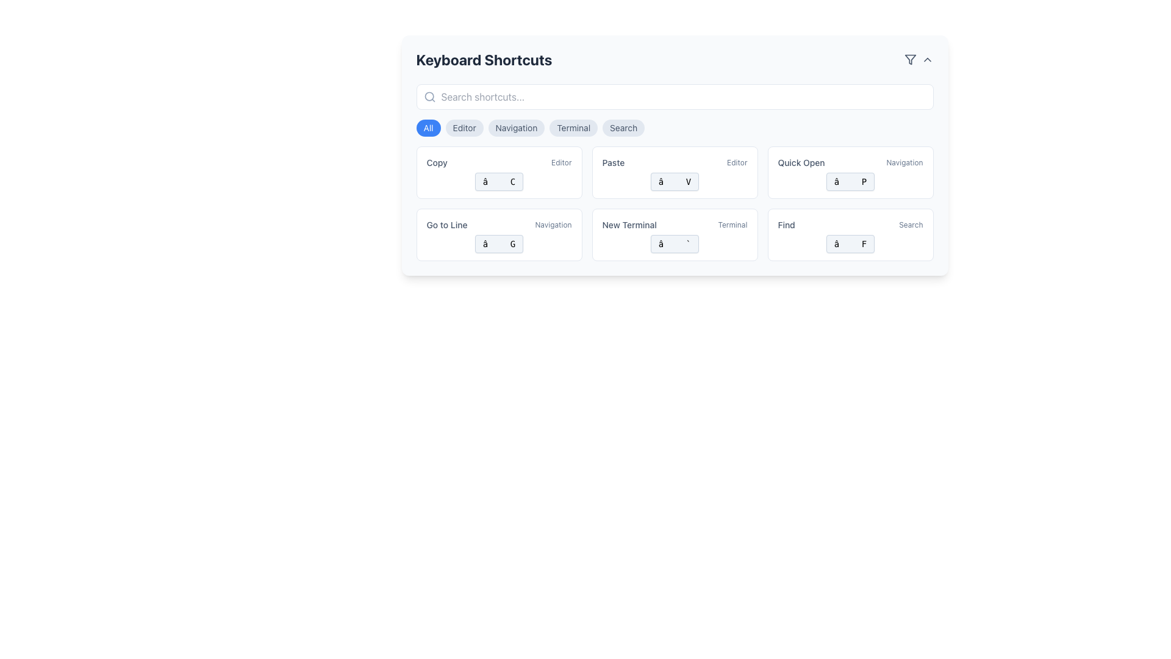  What do you see at coordinates (613, 162) in the screenshot?
I see `the descriptive text label indicating the functionality of an associated keyboard shortcut in the 'Keyboard Shortcuts' interface, which is located to the left of the 'Editor' label` at bounding box center [613, 162].